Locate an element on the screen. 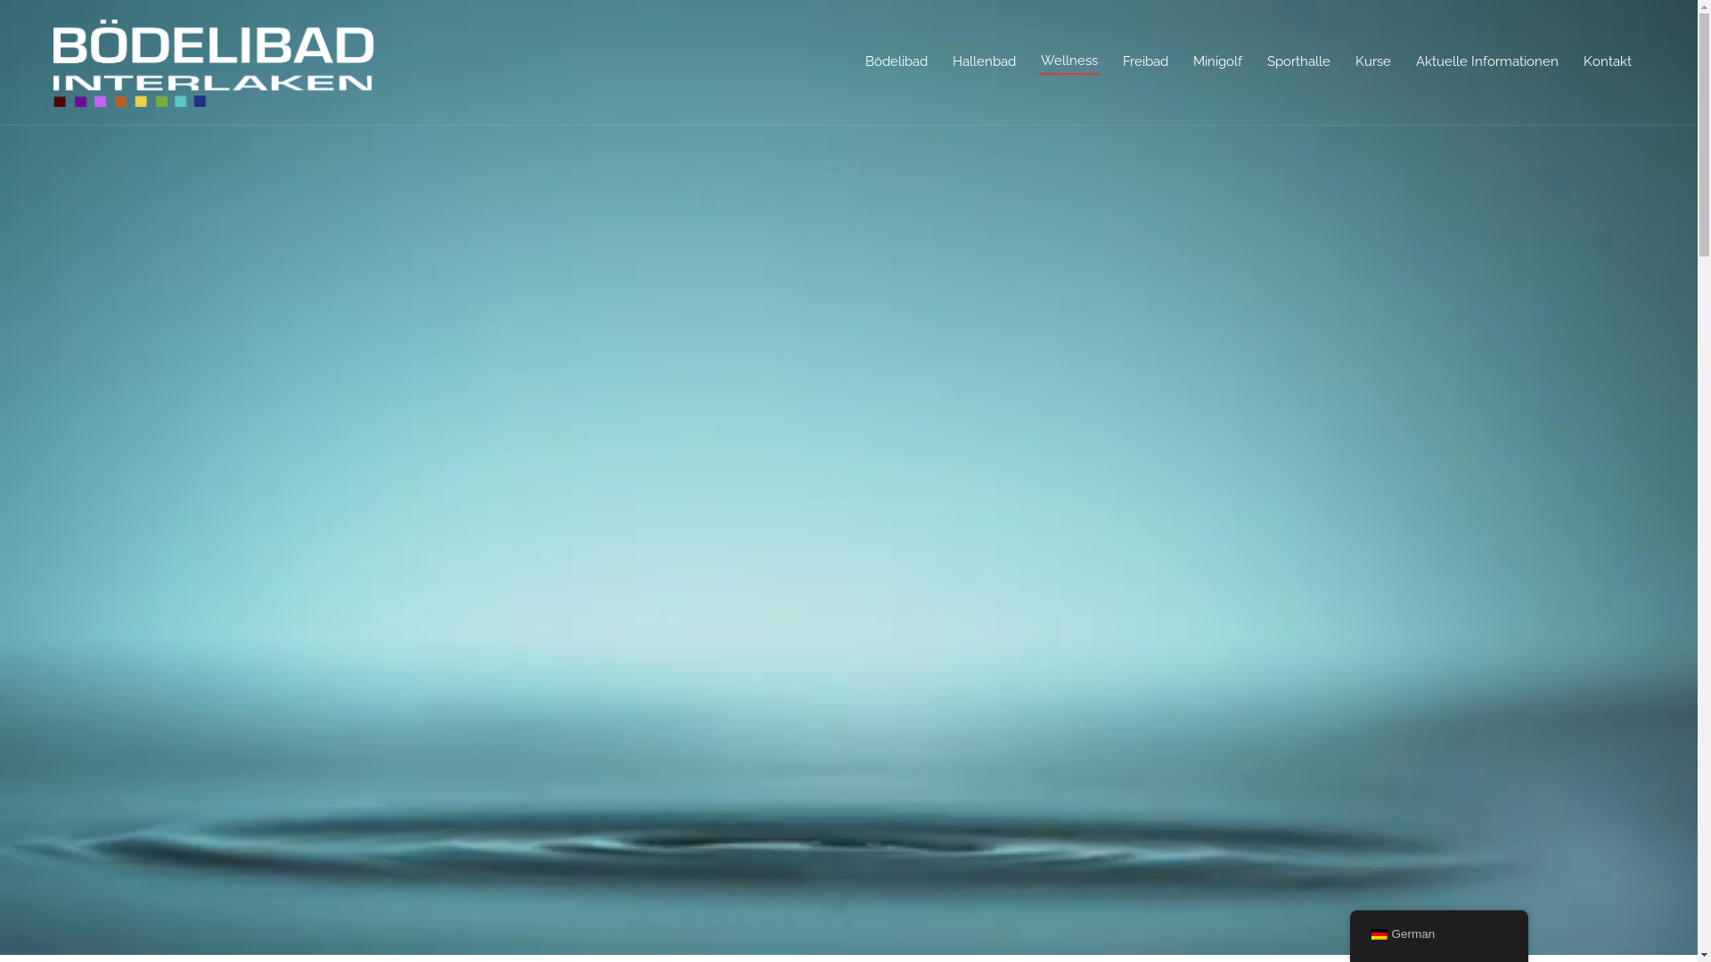 The width and height of the screenshot is (1711, 962). 'German' is located at coordinates (1377, 933).